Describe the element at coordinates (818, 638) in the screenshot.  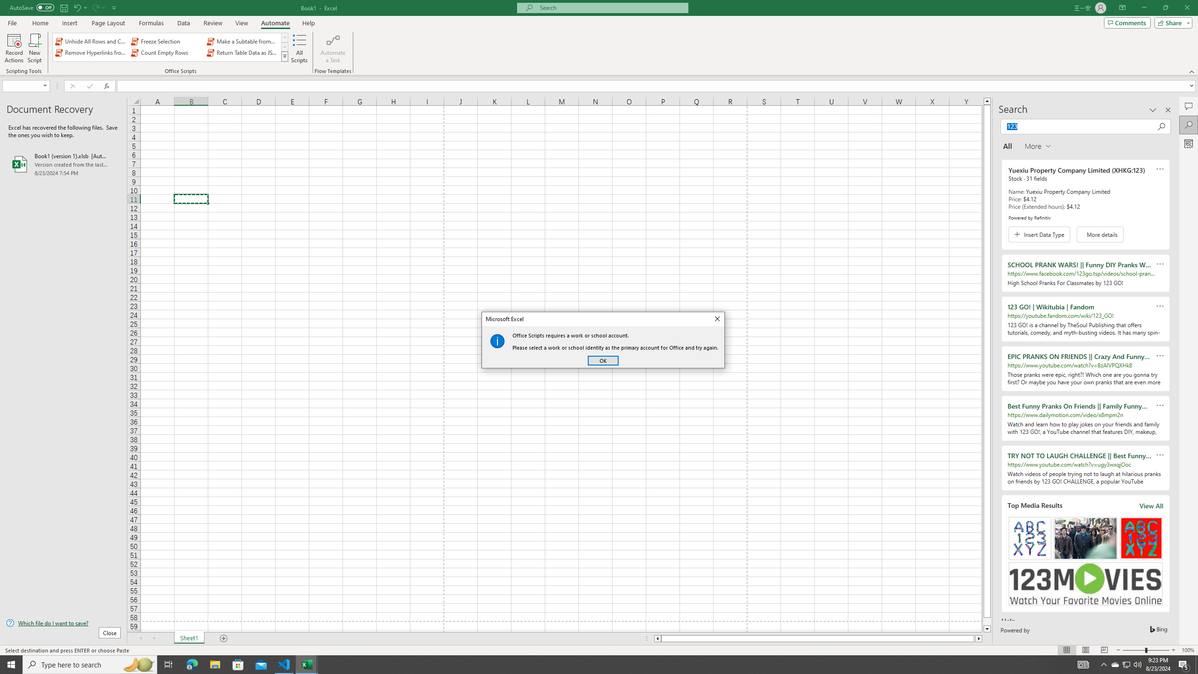
I see `'Class: NetUIScrollBar'` at that location.